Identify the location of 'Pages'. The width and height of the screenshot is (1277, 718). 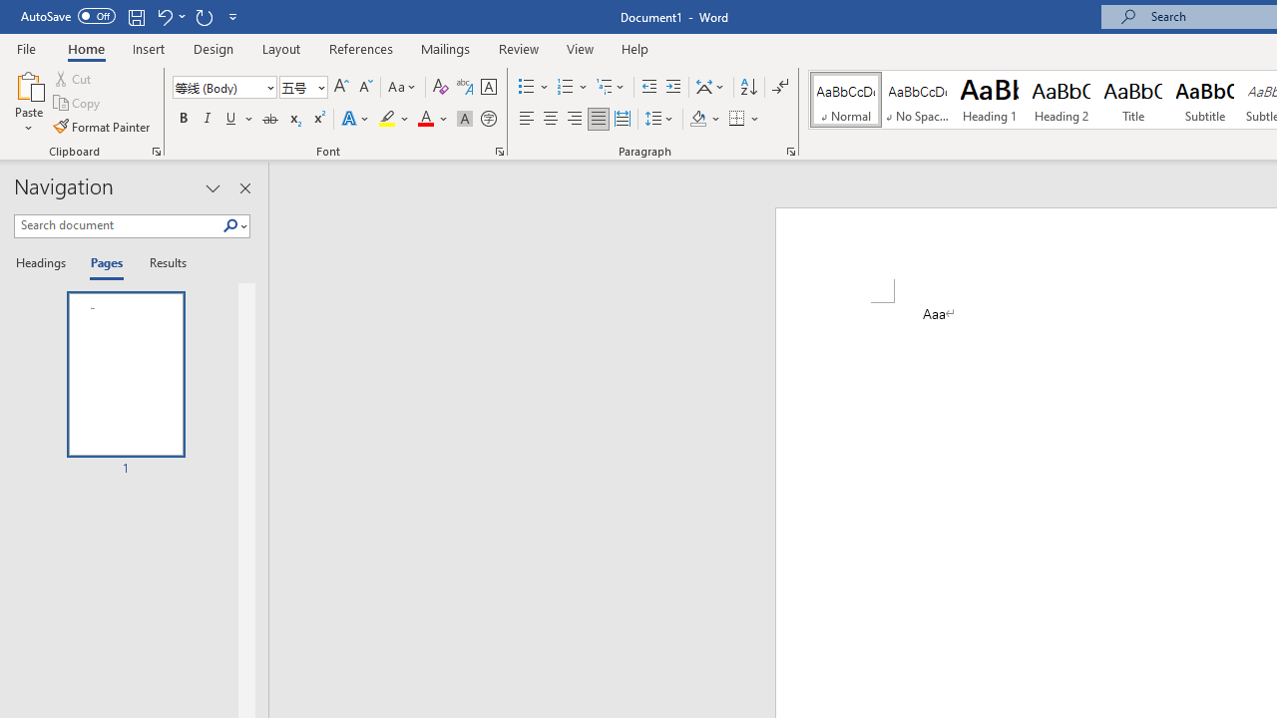
(104, 263).